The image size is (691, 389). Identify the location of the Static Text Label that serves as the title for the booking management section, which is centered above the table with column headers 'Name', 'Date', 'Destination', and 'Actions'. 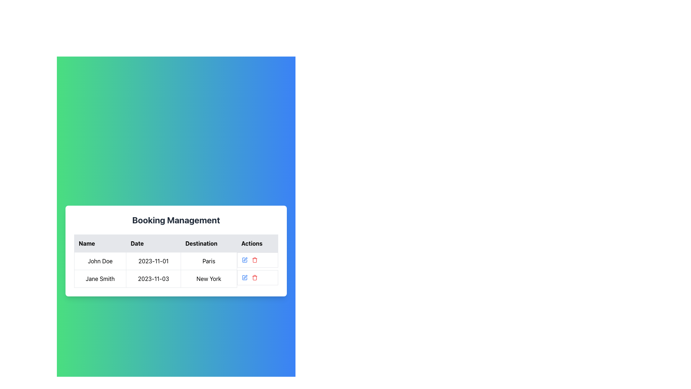
(176, 219).